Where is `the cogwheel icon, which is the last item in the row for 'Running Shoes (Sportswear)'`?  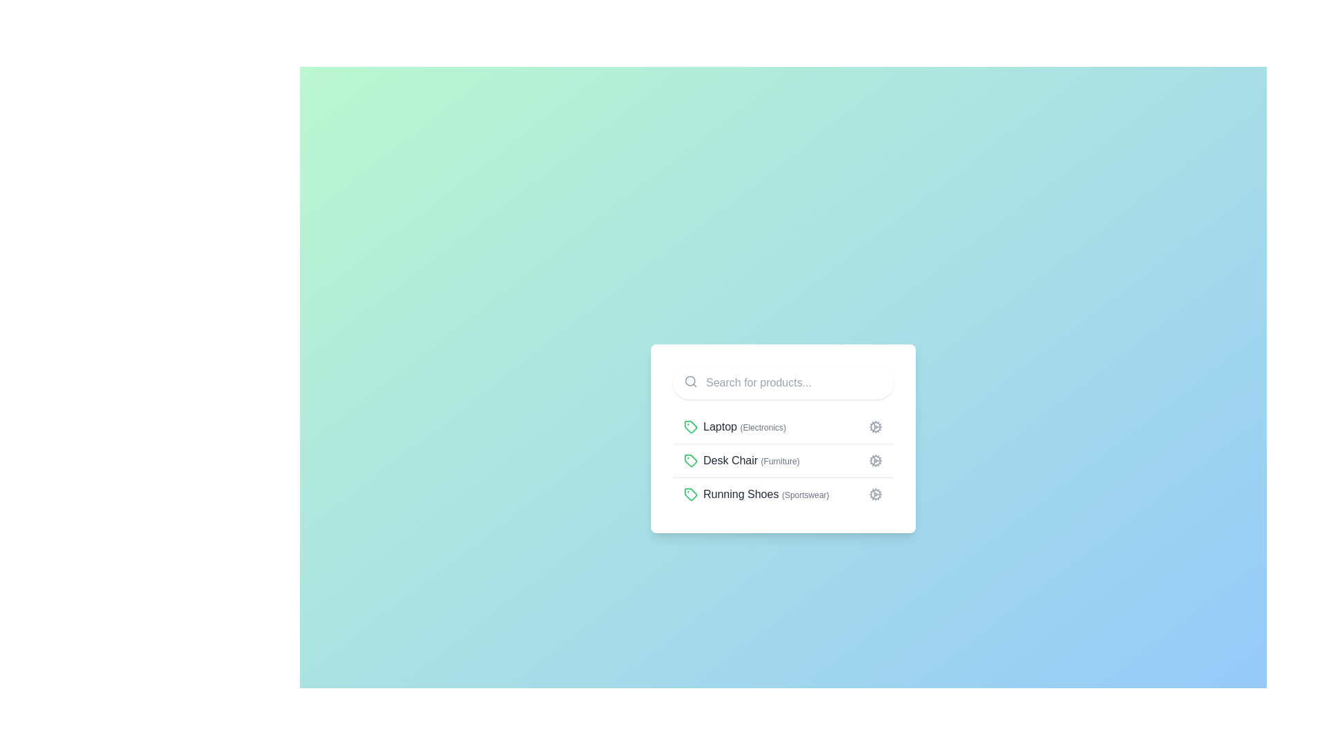
the cogwheel icon, which is the last item in the row for 'Running Shoes (Sportswear)' is located at coordinates (875, 493).